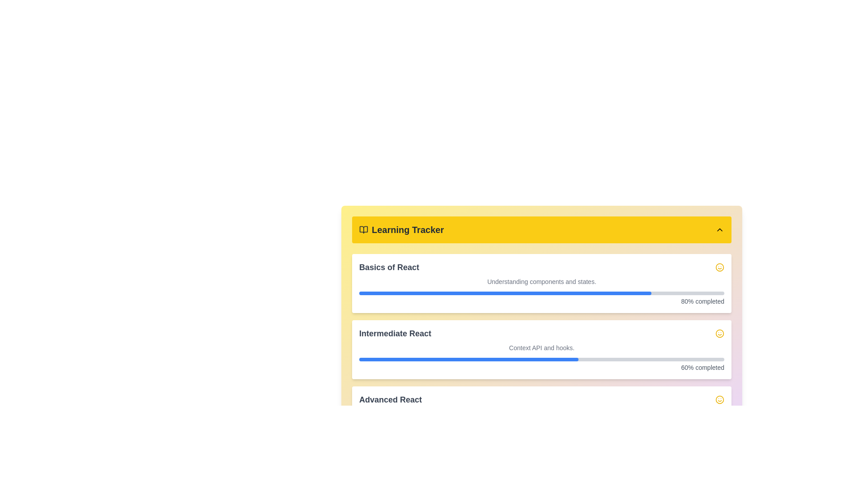 This screenshot has width=859, height=483. What do you see at coordinates (719, 229) in the screenshot?
I see `the chevron icon located at the top-right corner of the yellow header area containing the title 'Learning Tracker' for feedback` at bounding box center [719, 229].